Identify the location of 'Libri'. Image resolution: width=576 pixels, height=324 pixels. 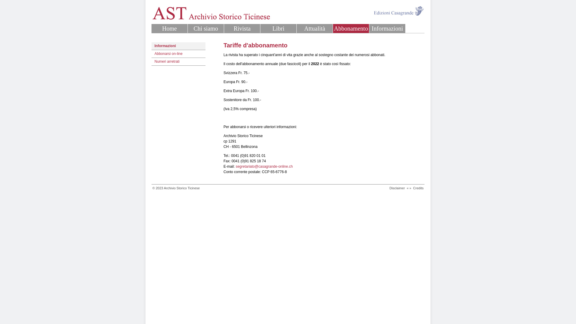
(278, 28).